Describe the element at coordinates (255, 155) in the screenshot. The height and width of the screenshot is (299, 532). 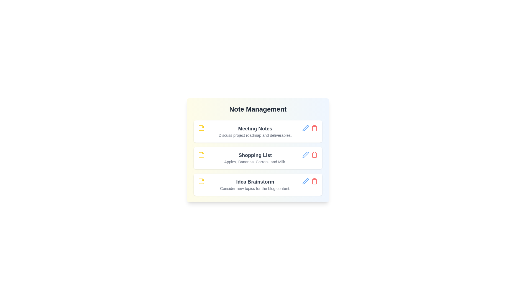
I see `the note titled 'Shopping List' to view its details` at that location.